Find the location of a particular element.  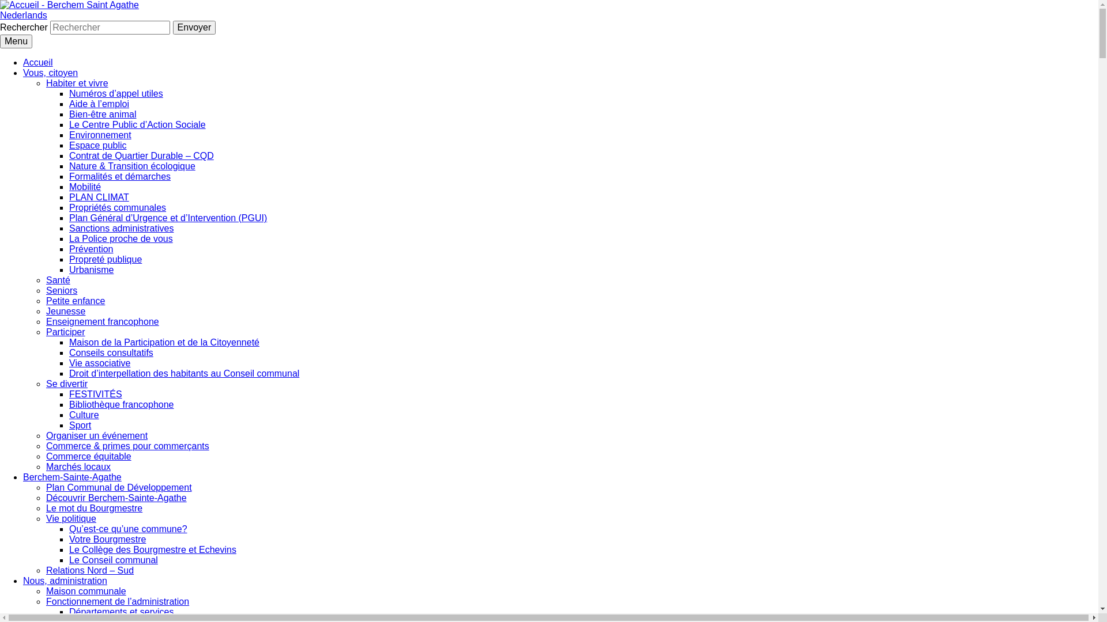

'Espace public' is located at coordinates (97, 145).